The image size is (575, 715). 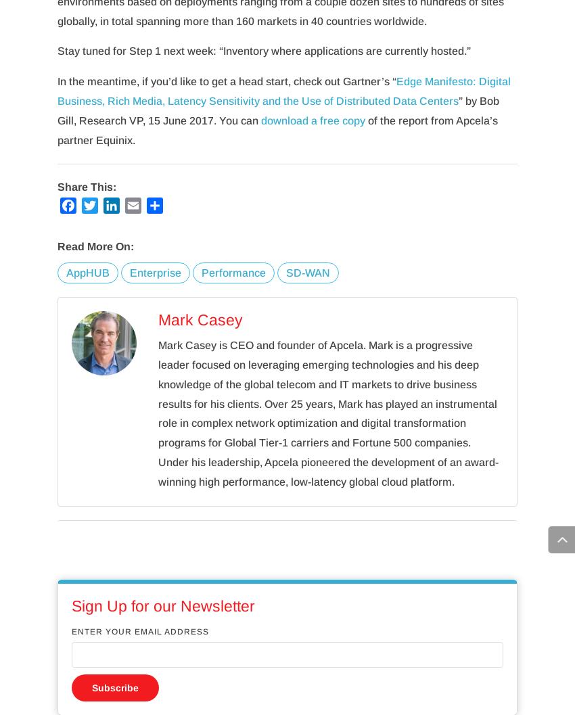 What do you see at coordinates (233, 271) in the screenshot?
I see `'Performance'` at bounding box center [233, 271].